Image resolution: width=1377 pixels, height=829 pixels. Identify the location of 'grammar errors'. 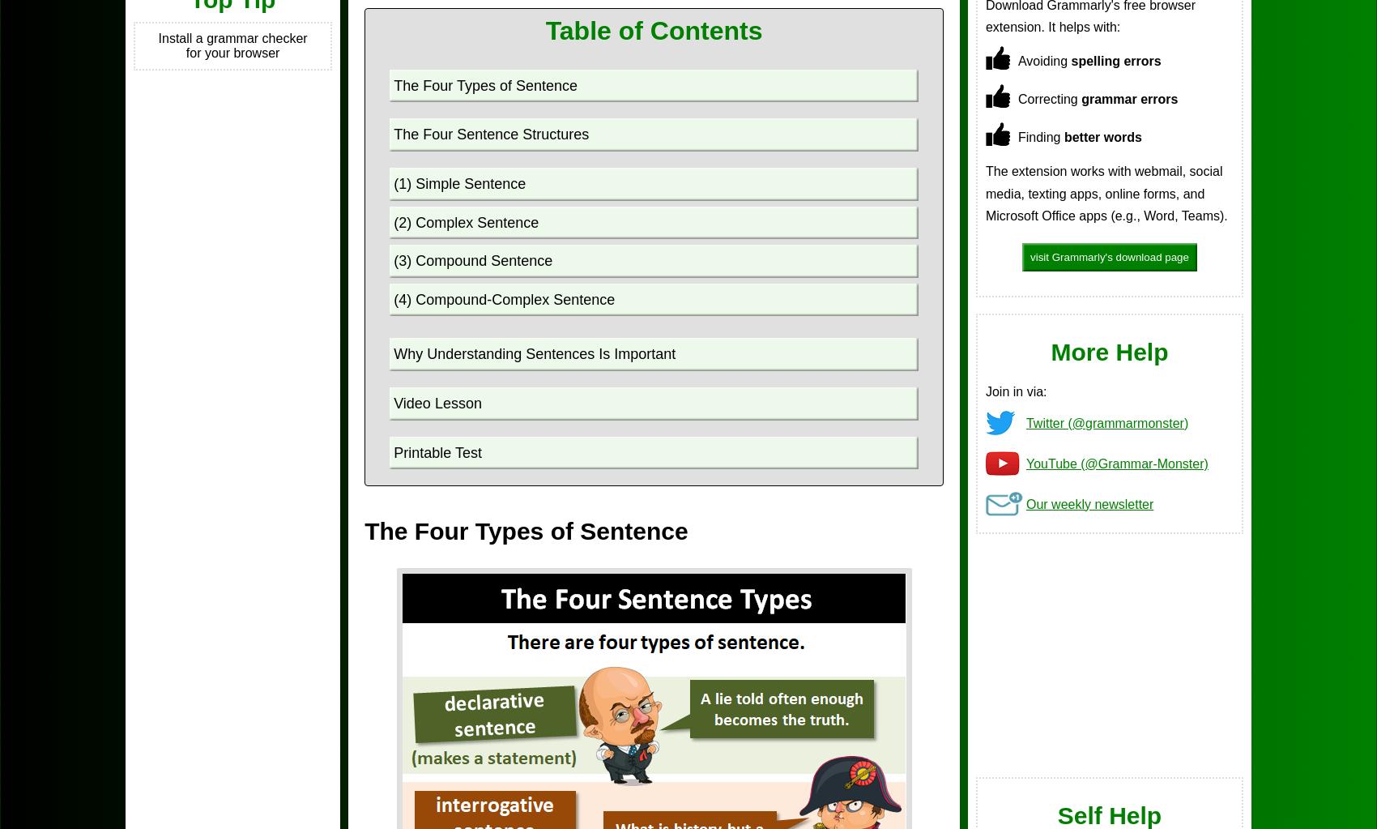
(1128, 98).